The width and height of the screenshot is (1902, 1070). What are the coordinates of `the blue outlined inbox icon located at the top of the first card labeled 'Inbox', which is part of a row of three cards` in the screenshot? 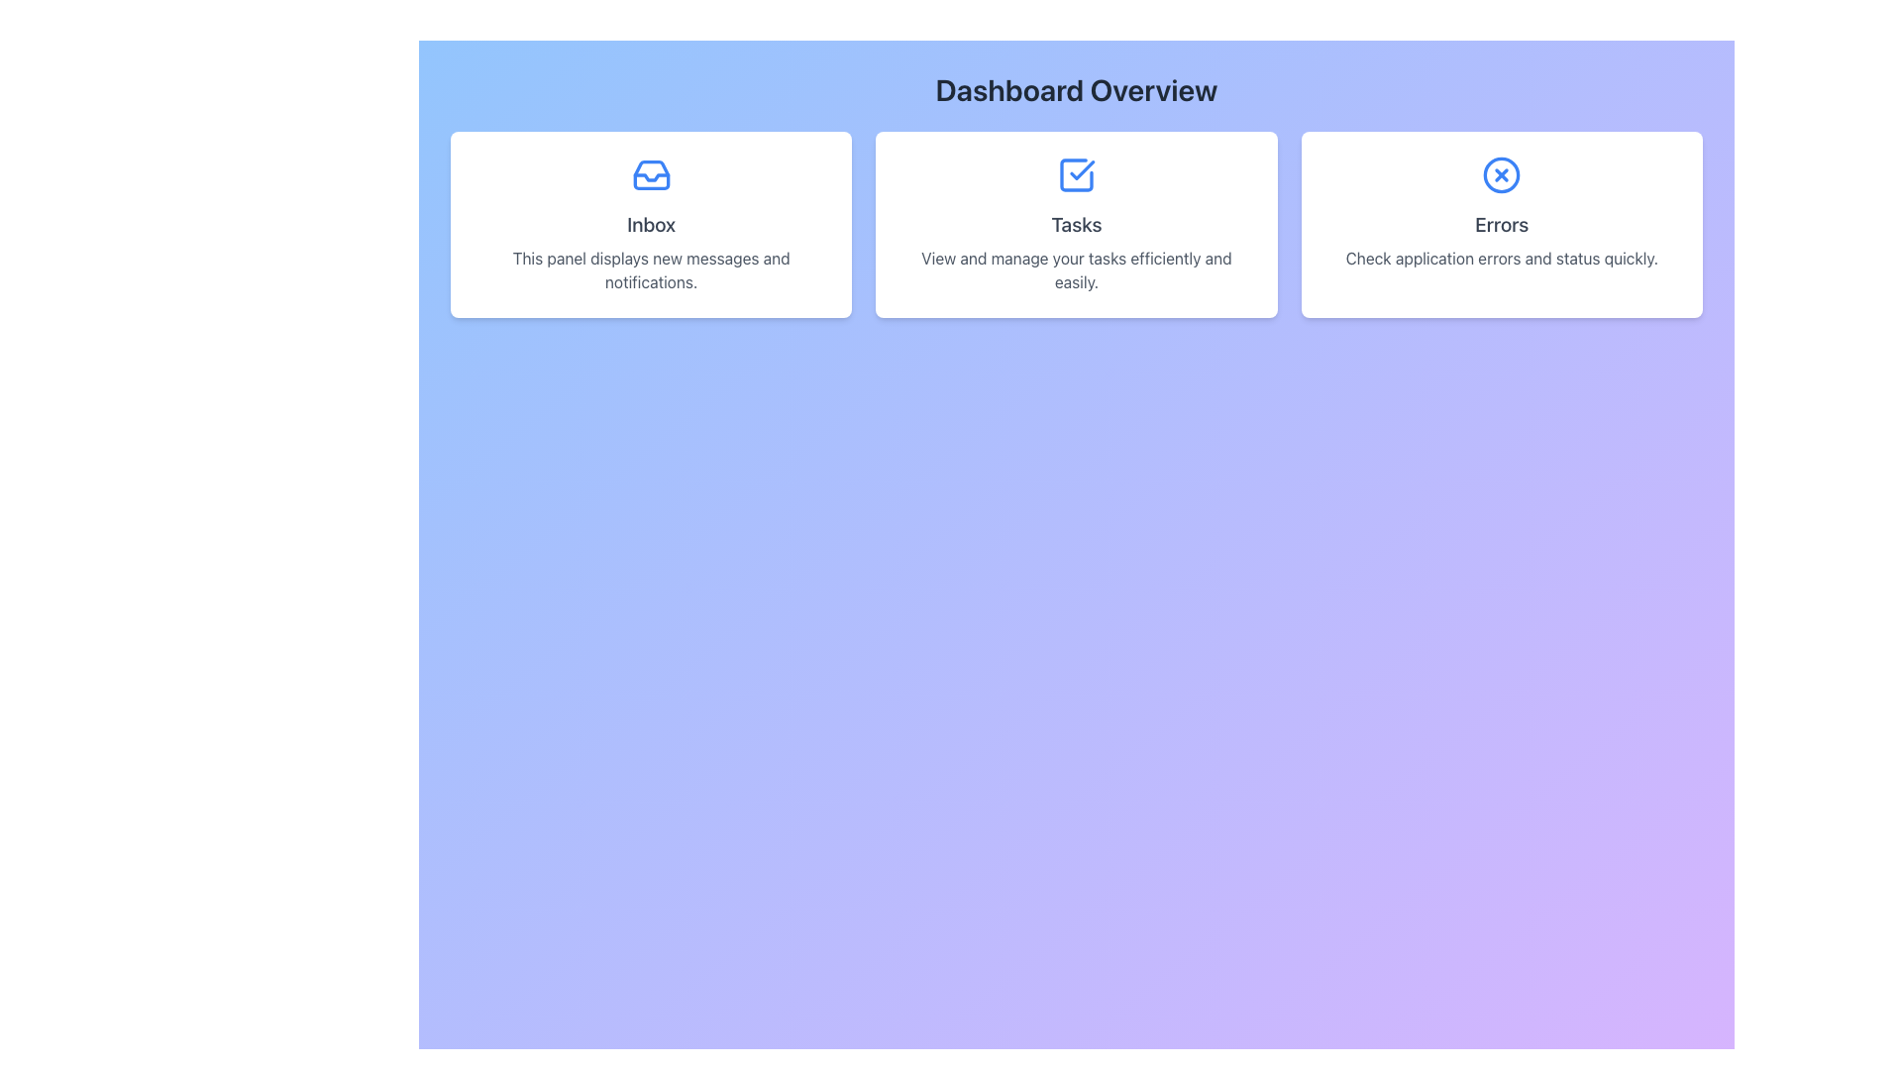 It's located at (651, 174).